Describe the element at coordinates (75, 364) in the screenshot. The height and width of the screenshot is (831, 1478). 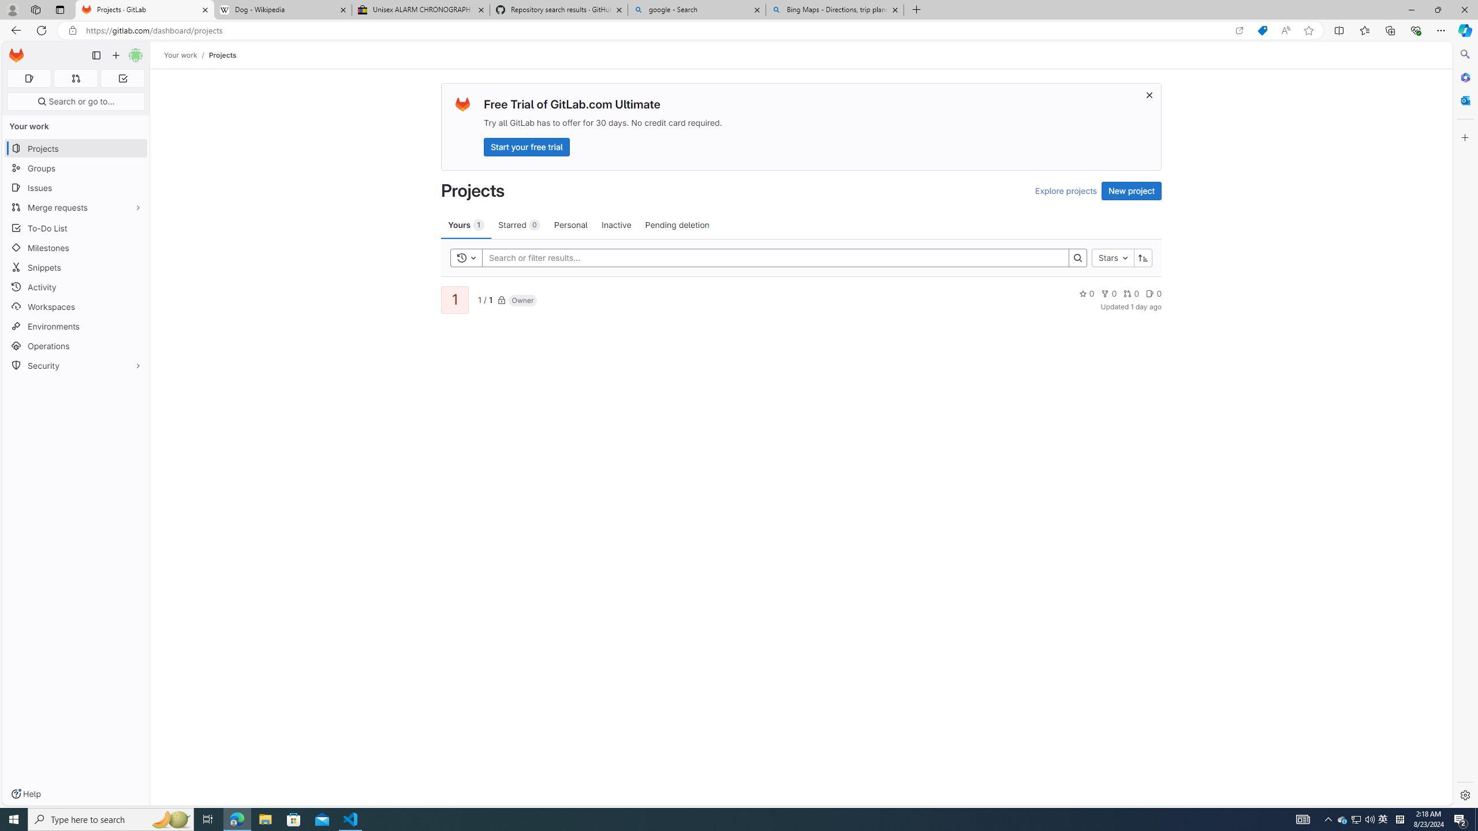
I see `'Security'` at that location.